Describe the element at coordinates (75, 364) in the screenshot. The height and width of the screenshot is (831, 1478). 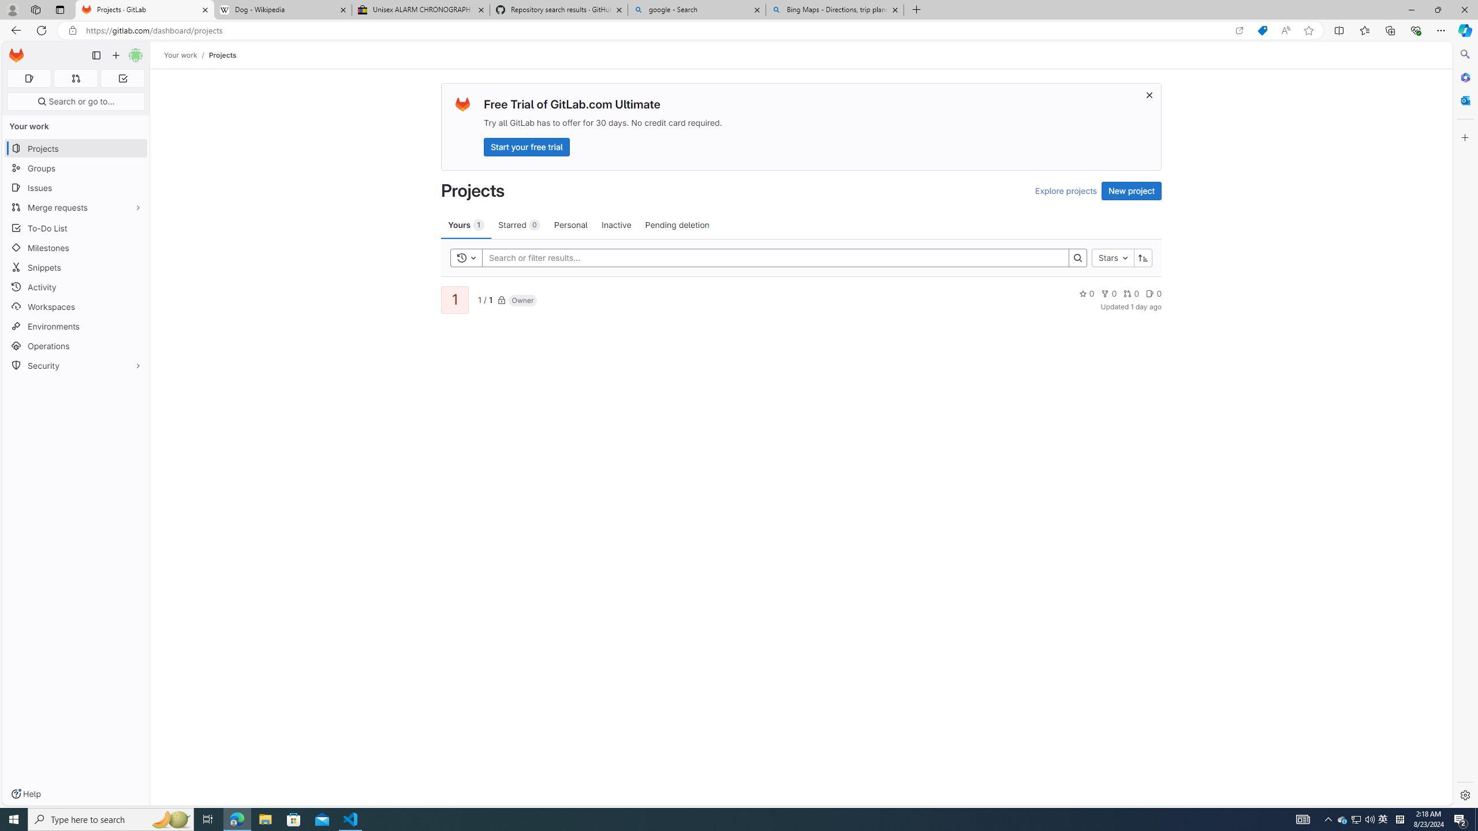
I see `'Security'` at that location.